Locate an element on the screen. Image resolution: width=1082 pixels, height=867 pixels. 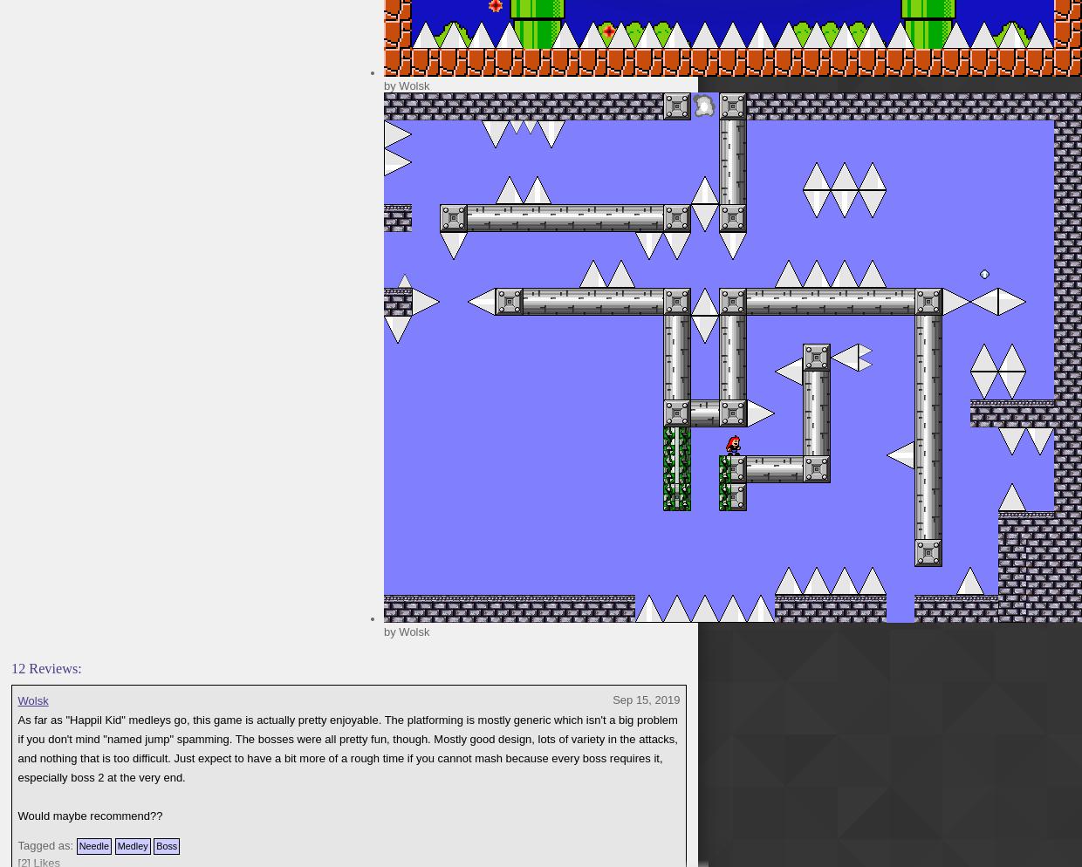
'As far as "Happil Kid" medleys go, this game is actually pretty enjoyable.  The platforming is mostly generic which isn't a big problem if you don't mind "named jump" spamming.  The bosses were all pretty fun, though.  Mostly good design, lots of variety in the attacks, and nothing that is too difficult.  Just expect to have a bit more of a rough time if you cannot mash because every boss requires it, especially boss 2 at the very end.' is located at coordinates (347, 748).